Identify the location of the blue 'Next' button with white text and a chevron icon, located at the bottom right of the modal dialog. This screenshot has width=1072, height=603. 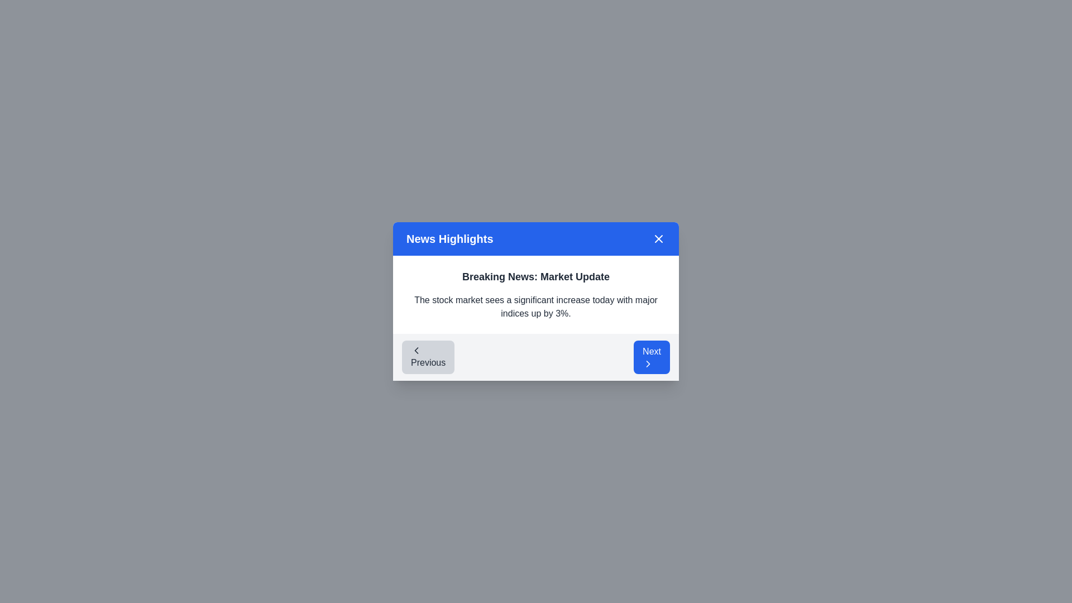
(652, 357).